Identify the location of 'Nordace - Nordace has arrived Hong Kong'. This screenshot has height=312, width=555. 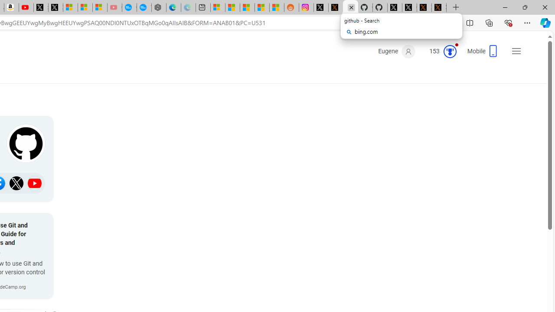
(159, 7).